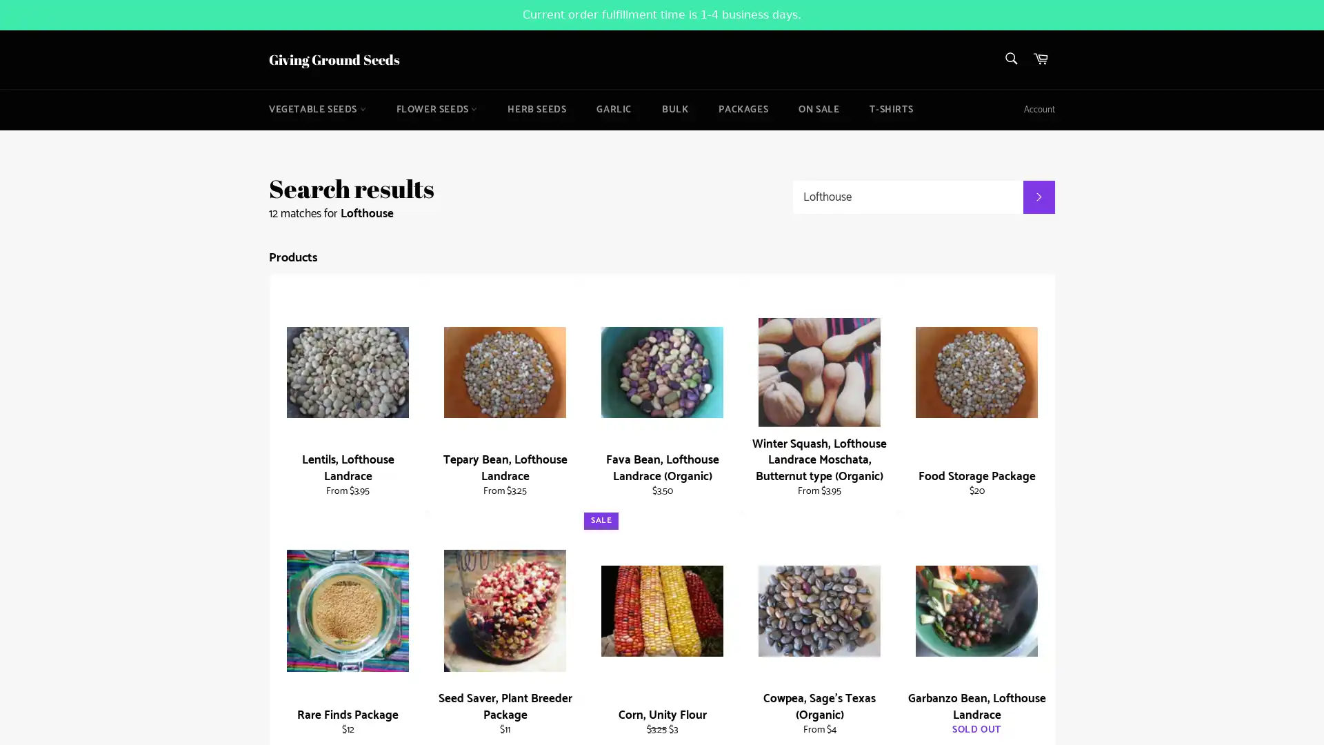  Describe the element at coordinates (1010, 57) in the screenshot. I see `Search` at that location.